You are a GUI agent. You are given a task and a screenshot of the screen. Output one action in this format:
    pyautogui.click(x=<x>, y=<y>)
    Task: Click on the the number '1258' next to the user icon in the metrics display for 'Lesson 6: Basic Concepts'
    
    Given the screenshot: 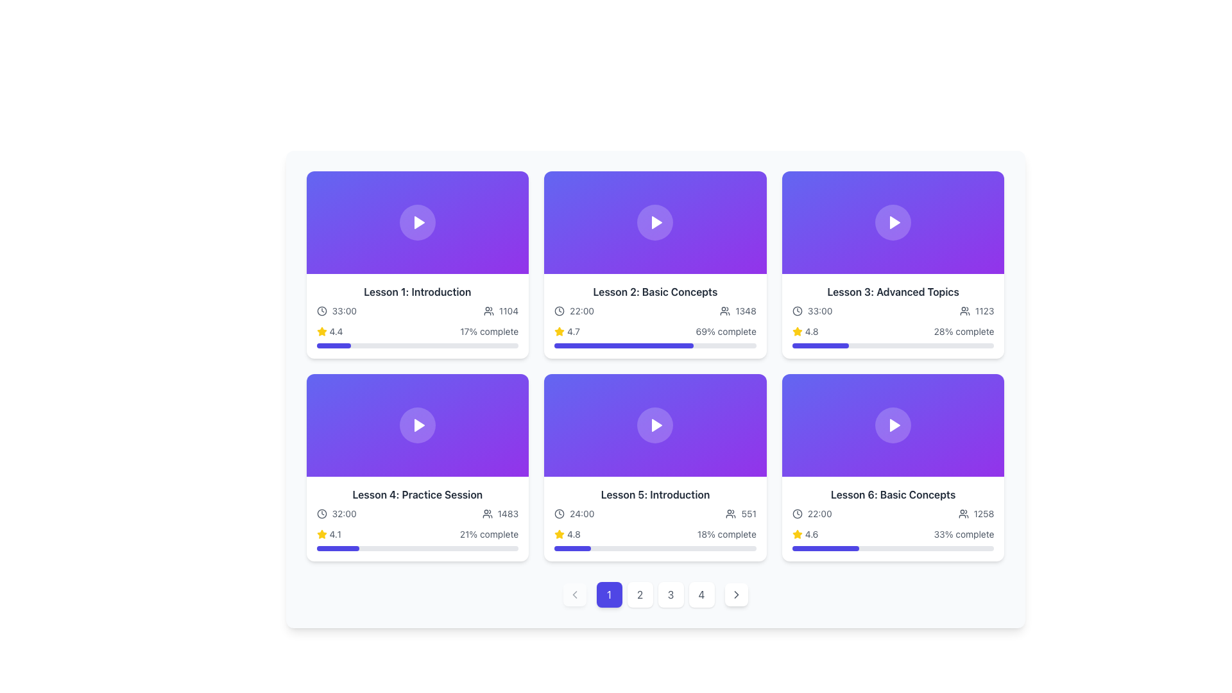 What is the action you would take?
    pyautogui.click(x=975, y=513)
    